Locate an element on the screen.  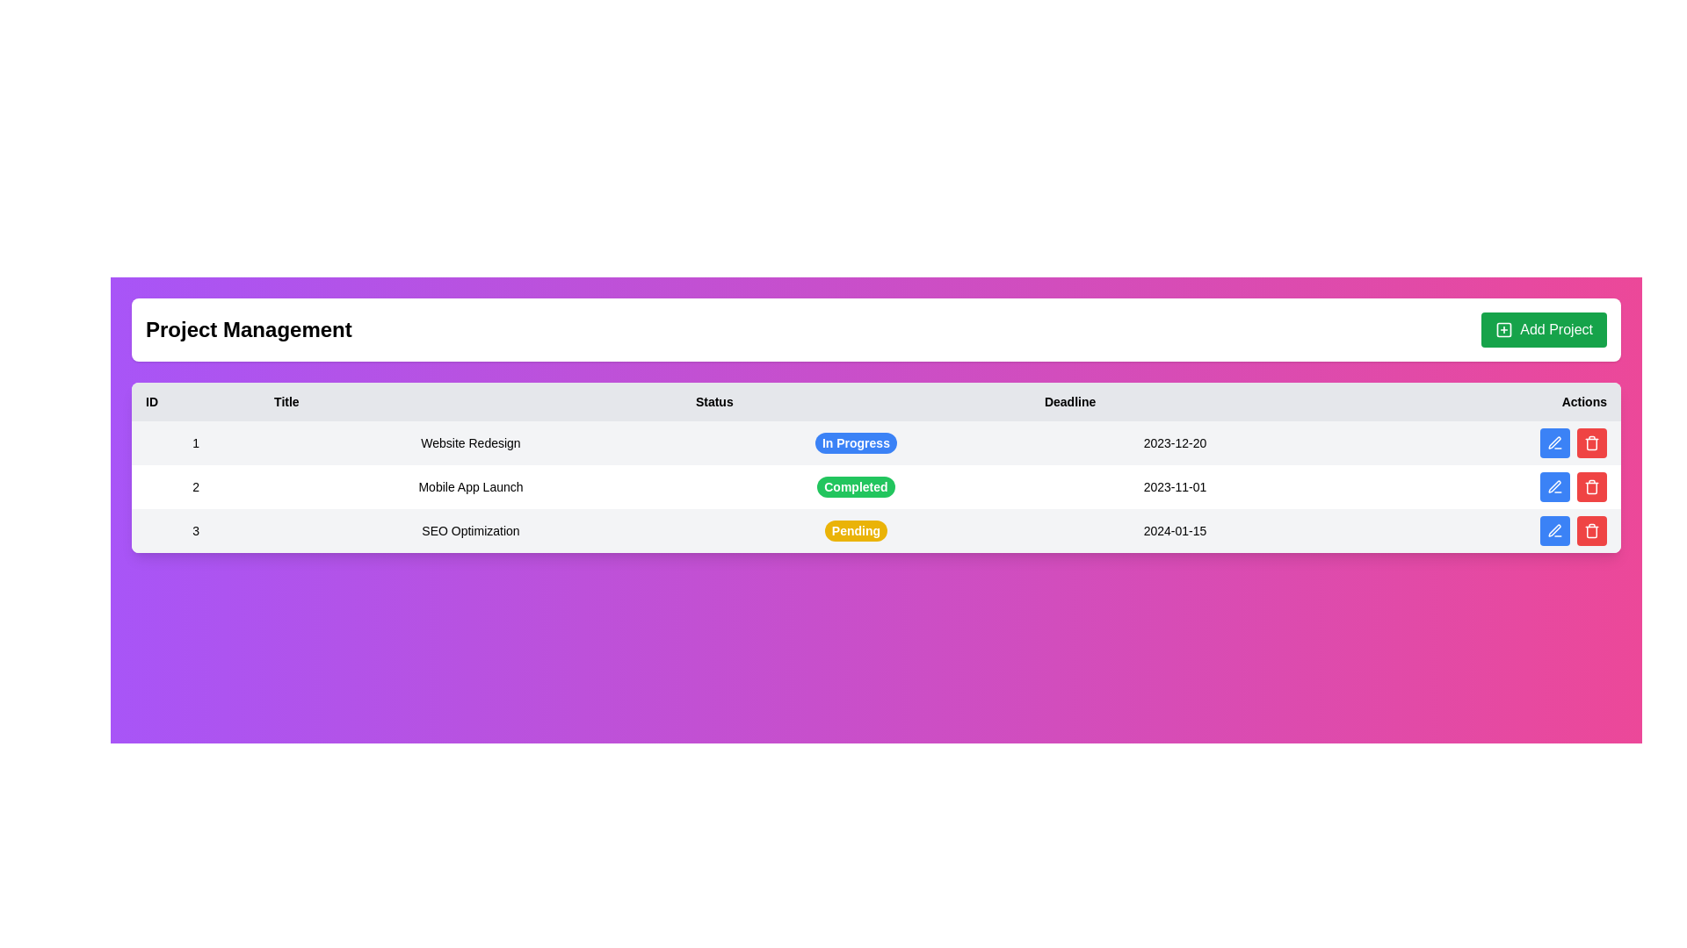
text content displayed in the table cell under the column titled 'Title' in the 'Project Management' table interface, specifically in the third row with the text 'SEO Optimization' is located at coordinates (471, 530).